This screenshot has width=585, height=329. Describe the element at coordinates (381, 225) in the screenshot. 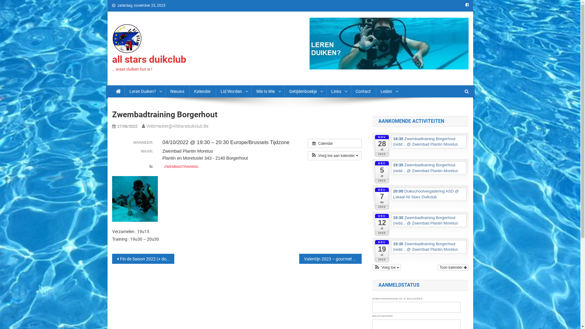

I see `'DEC` at that location.